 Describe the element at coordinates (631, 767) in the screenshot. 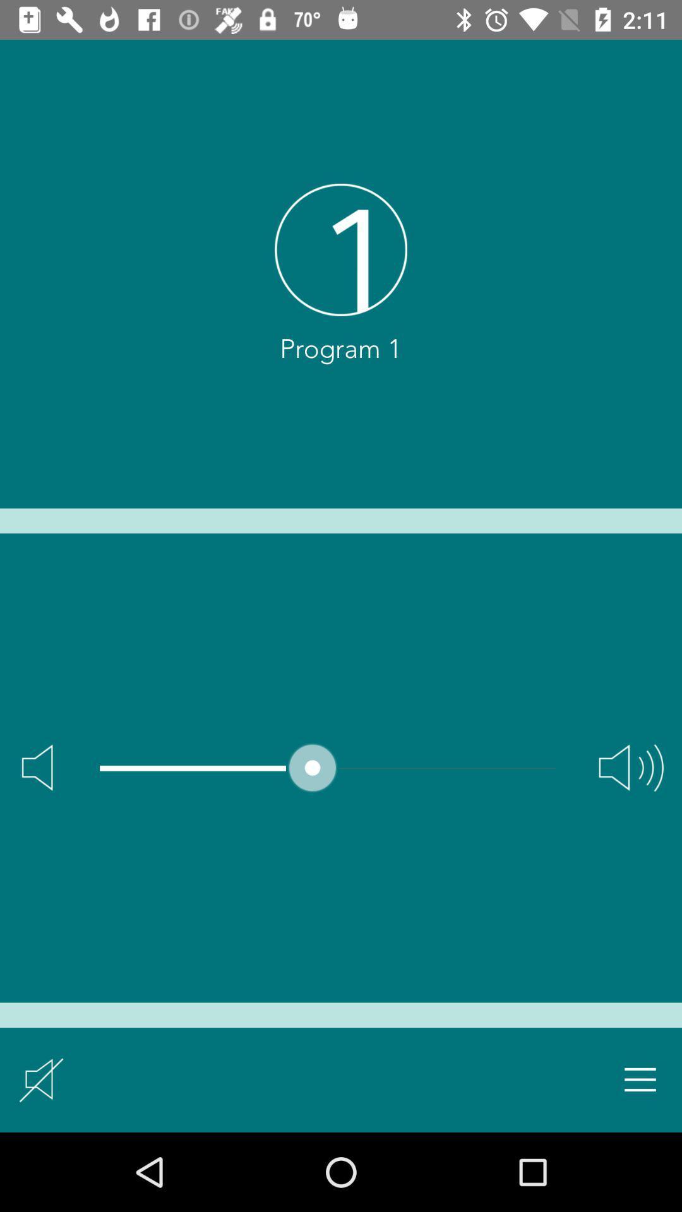

I see `volume` at that location.